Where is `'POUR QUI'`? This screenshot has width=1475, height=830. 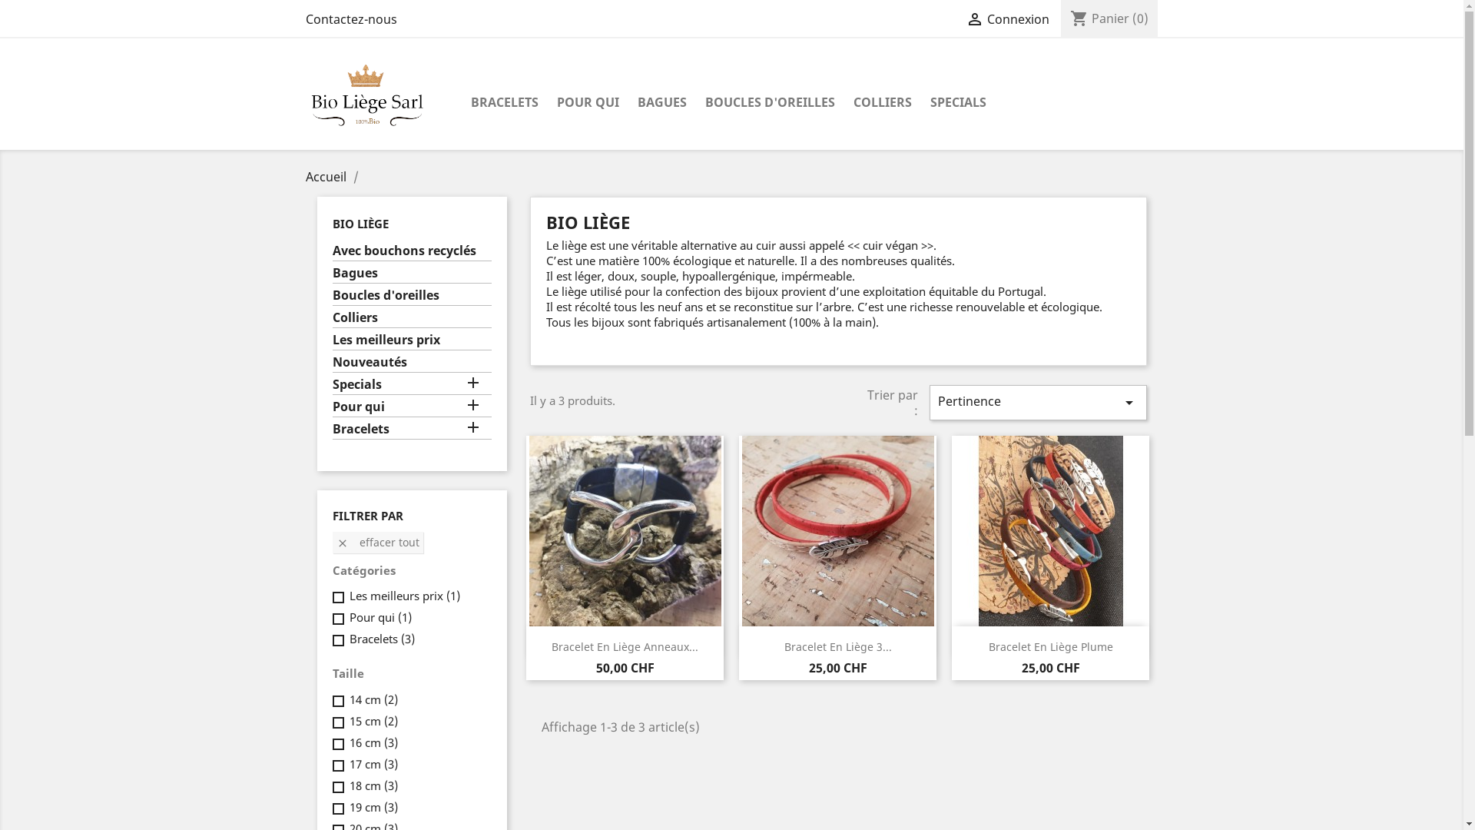
'POUR QUI' is located at coordinates (586, 103).